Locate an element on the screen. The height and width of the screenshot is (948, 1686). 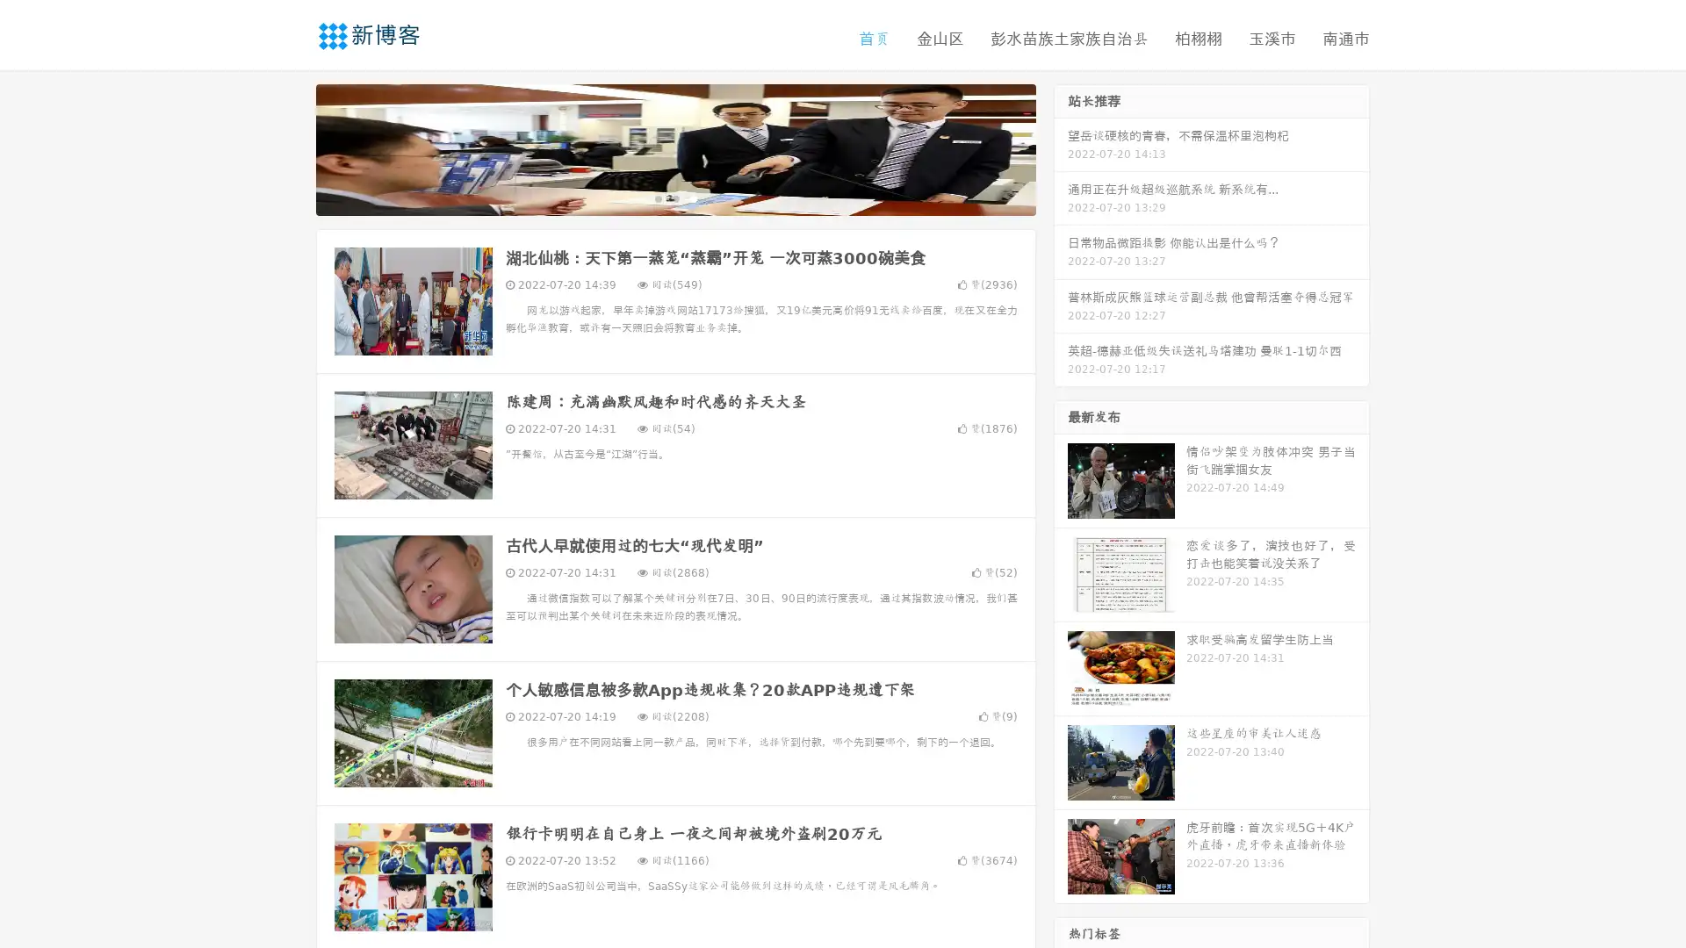
Go to slide 1 is located at coordinates (657, 197).